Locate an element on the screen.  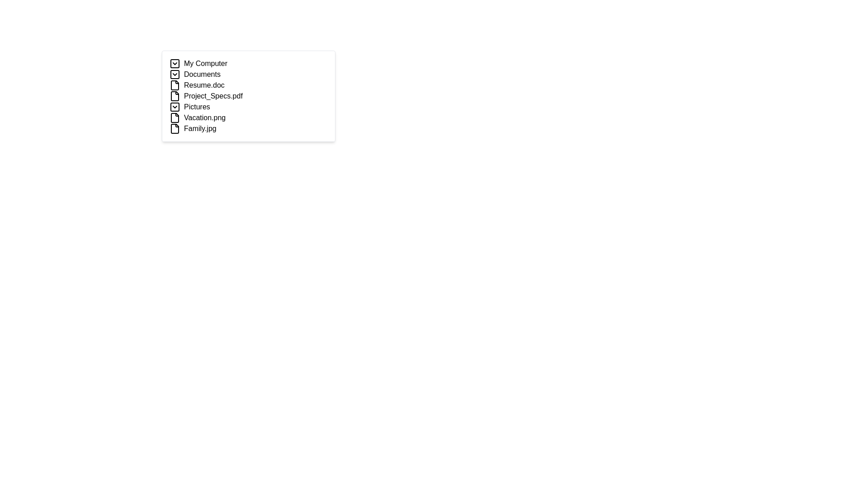
the file icon representing 'Project_Specs.pdf' is located at coordinates (175, 96).